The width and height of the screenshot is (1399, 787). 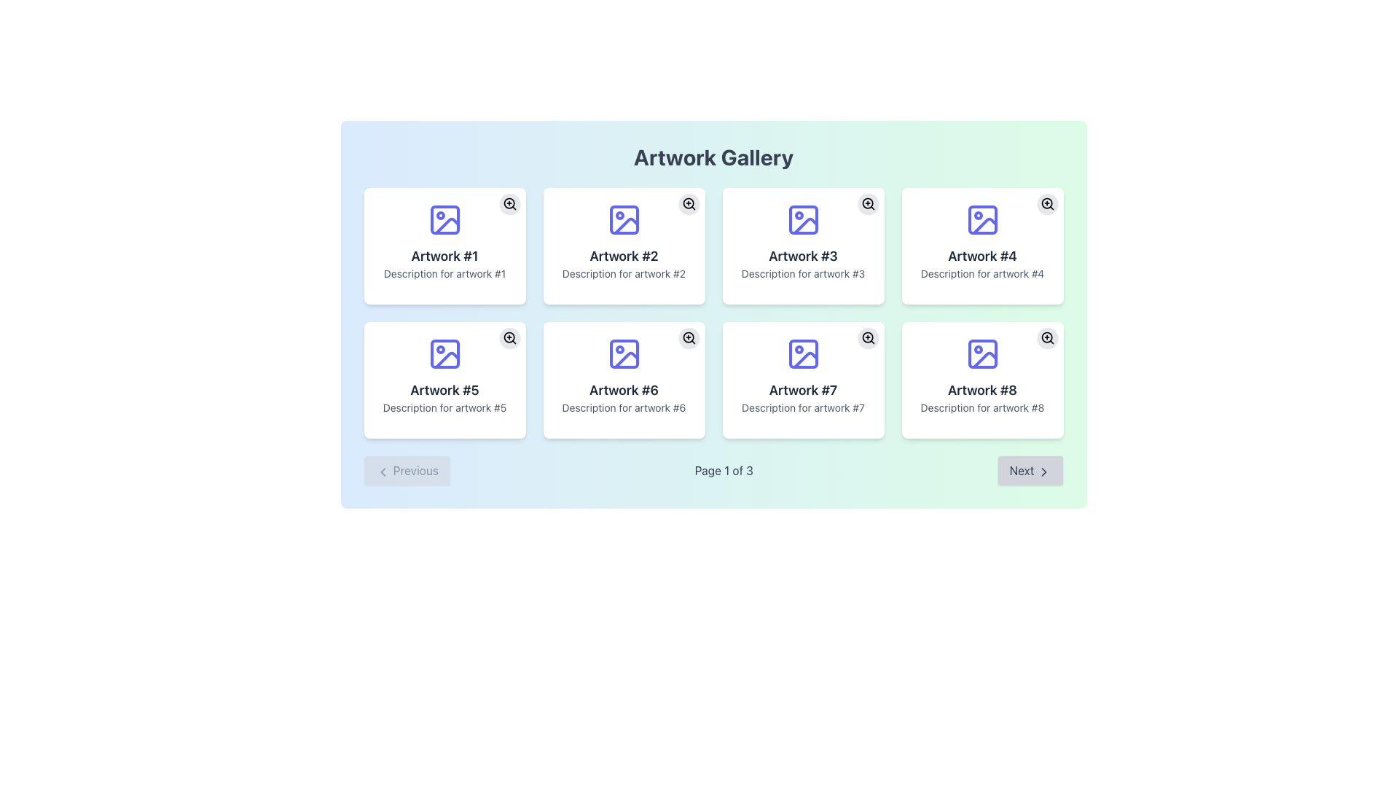 What do you see at coordinates (509, 204) in the screenshot?
I see `the zoom-in button represented by a magnifying glass icon located at the top-right corner of the card for Artwork #1 to zoom in on the artwork` at bounding box center [509, 204].